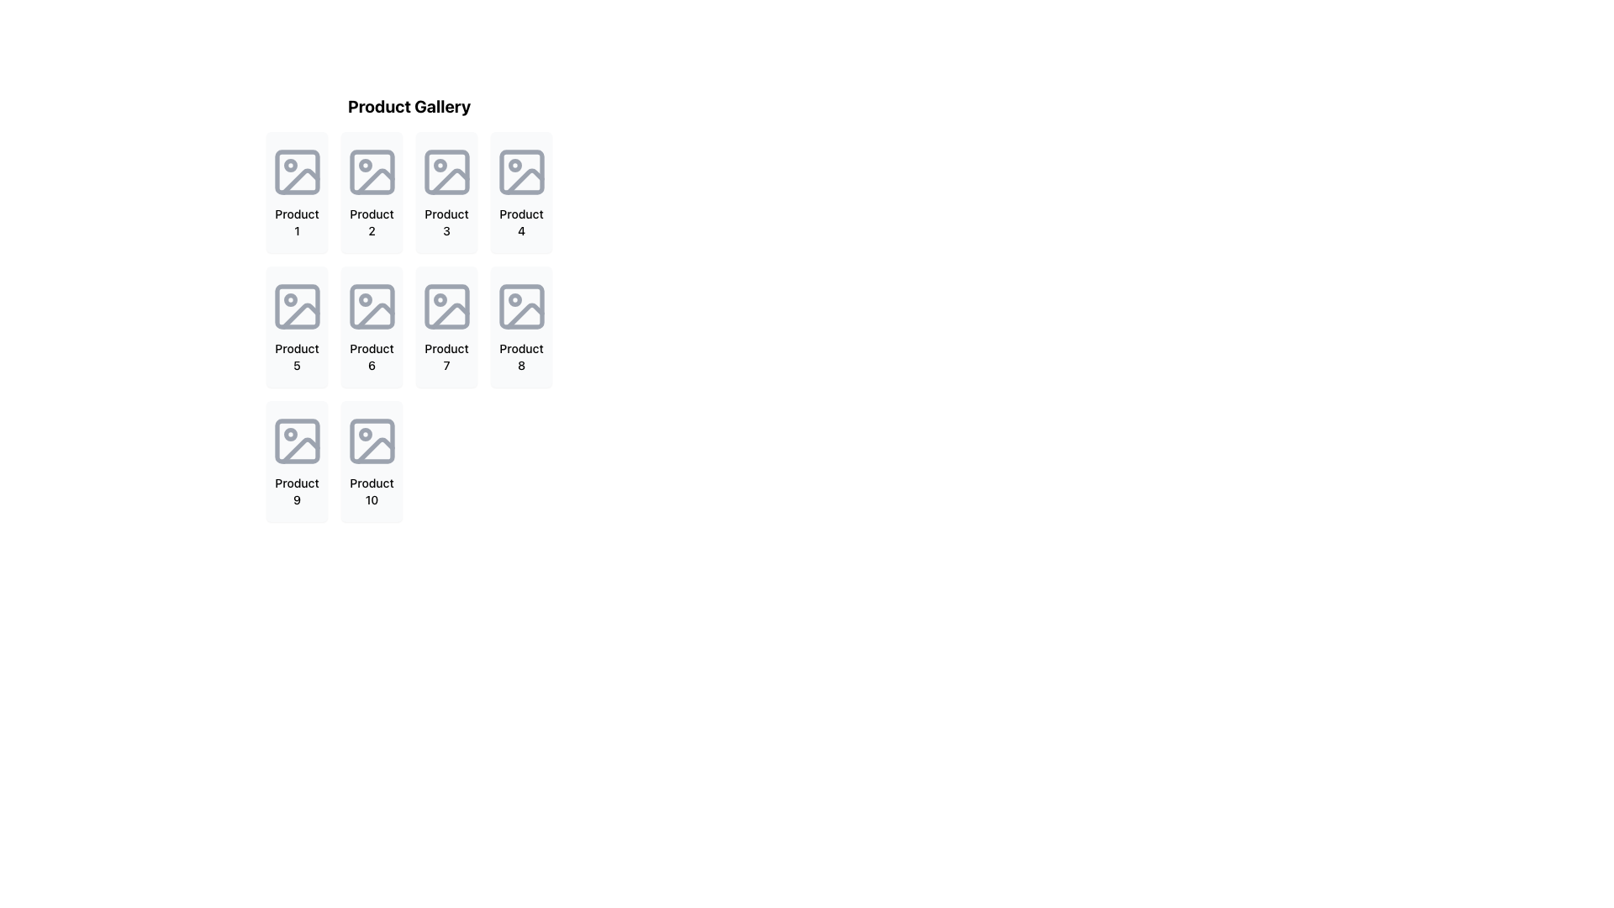  Describe the element at coordinates (409, 308) in the screenshot. I see `the image placeholder of the product card located in the 'Product Gallery' section, specifically the seventh element in the grid` at that location.